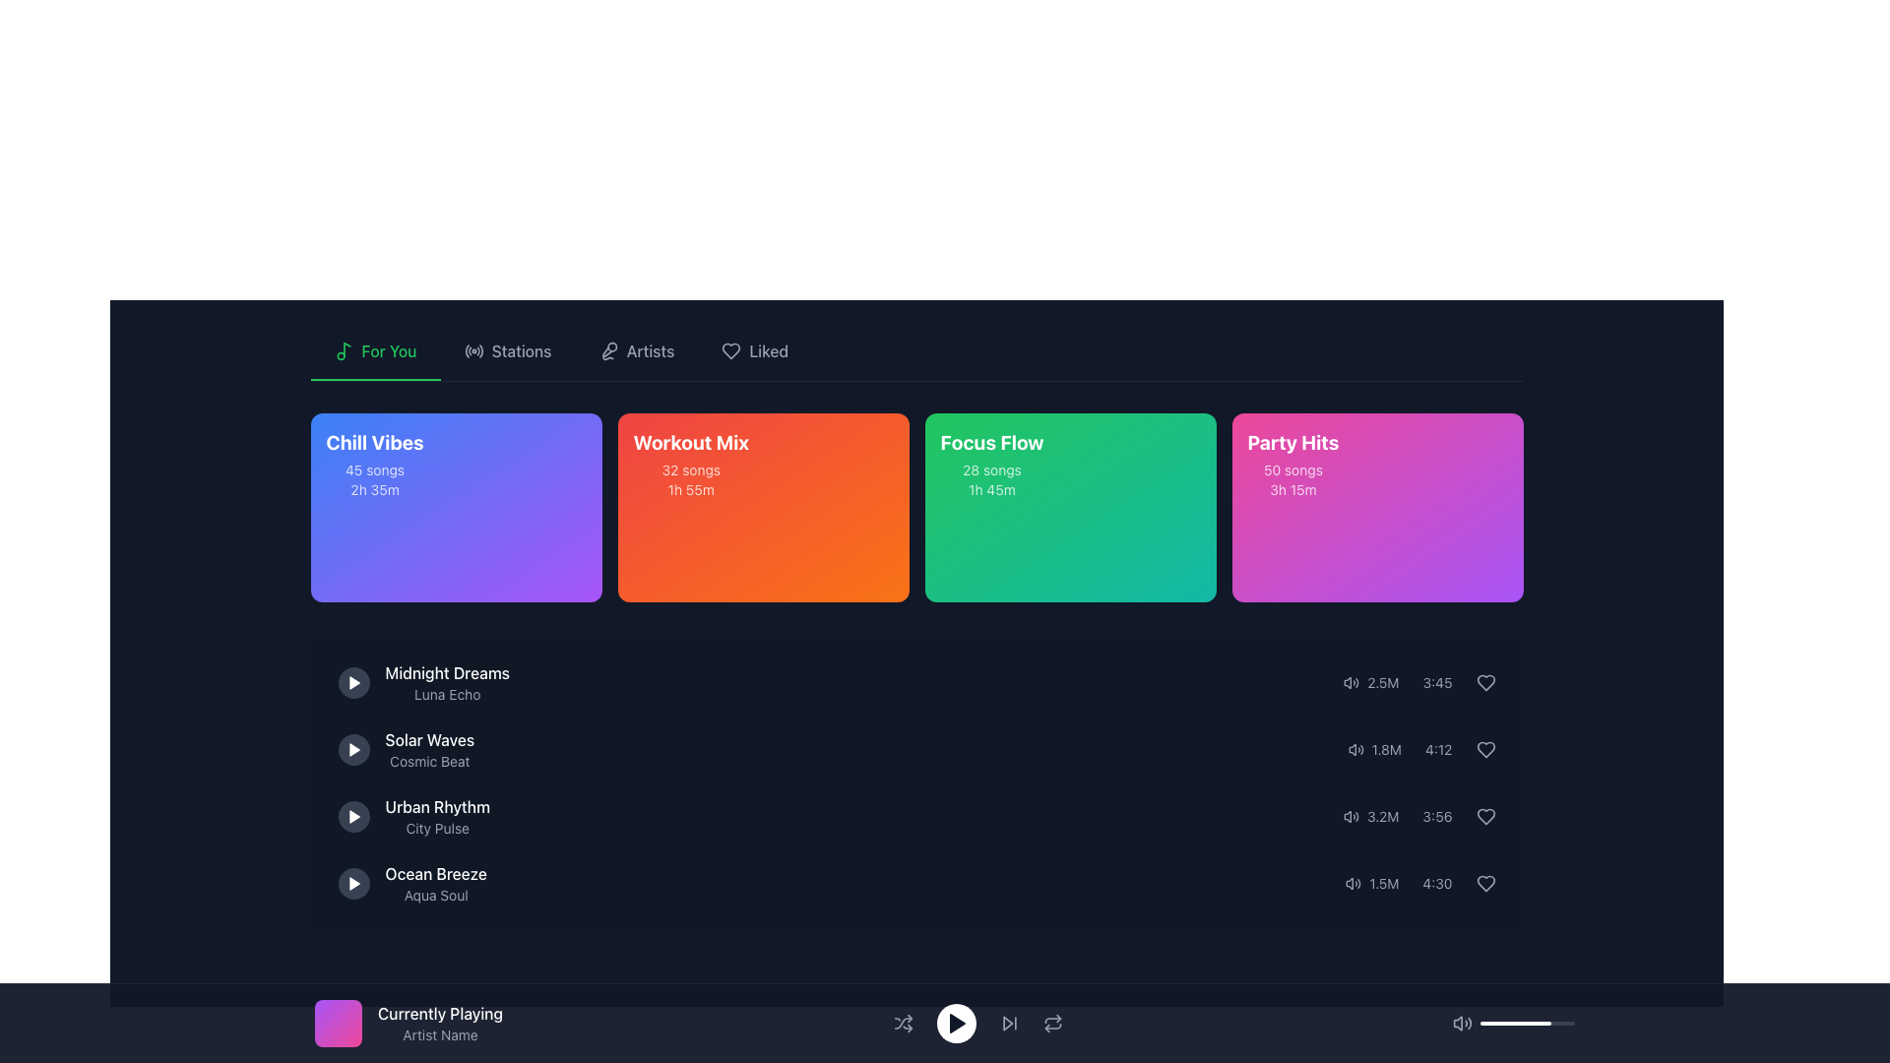 Image resolution: width=1890 pixels, height=1063 pixels. What do you see at coordinates (436, 828) in the screenshot?
I see `text label that serves as a description for the item labeled 'Urban Rhythm', which is positioned immediately below the 'Urban Rhythm' text in a vertical list of song items` at bounding box center [436, 828].